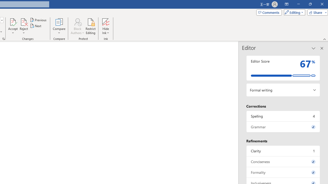 This screenshot has height=184, width=328. What do you see at coordinates (77, 26) in the screenshot?
I see `'Block Authors'` at bounding box center [77, 26].